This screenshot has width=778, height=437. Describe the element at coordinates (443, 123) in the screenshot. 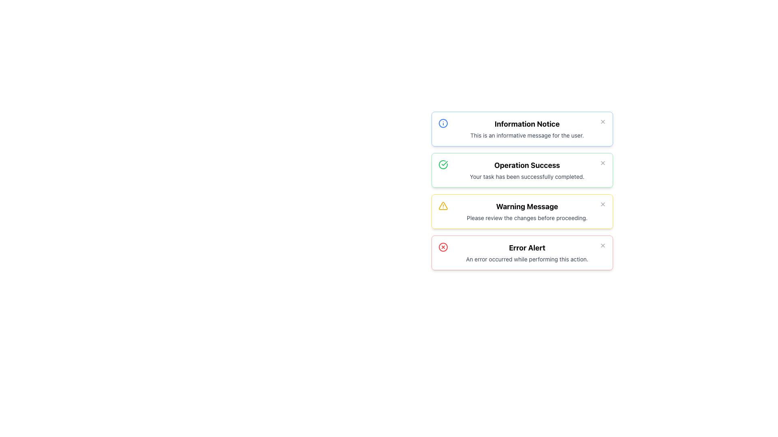

I see `the circular information icon with a blue outline located at the top-left corner of the 'Information Notice' message box` at that location.